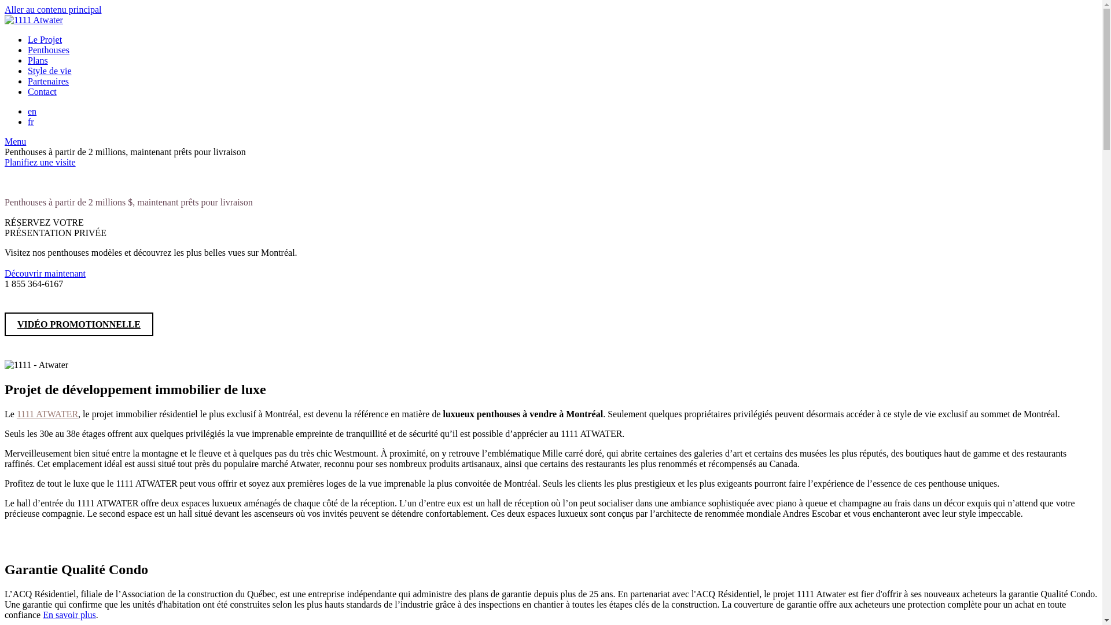 This screenshot has width=1111, height=625. What do you see at coordinates (47, 80) in the screenshot?
I see `'Partenaires'` at bounding box center [47, 80].